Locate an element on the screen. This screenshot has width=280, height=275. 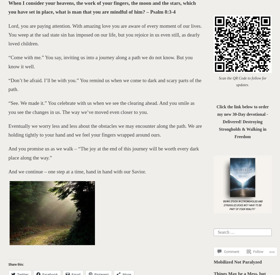
'And we continue – one step at a time, hand in hand with our Savior.' is located at coordinates (77, 171).